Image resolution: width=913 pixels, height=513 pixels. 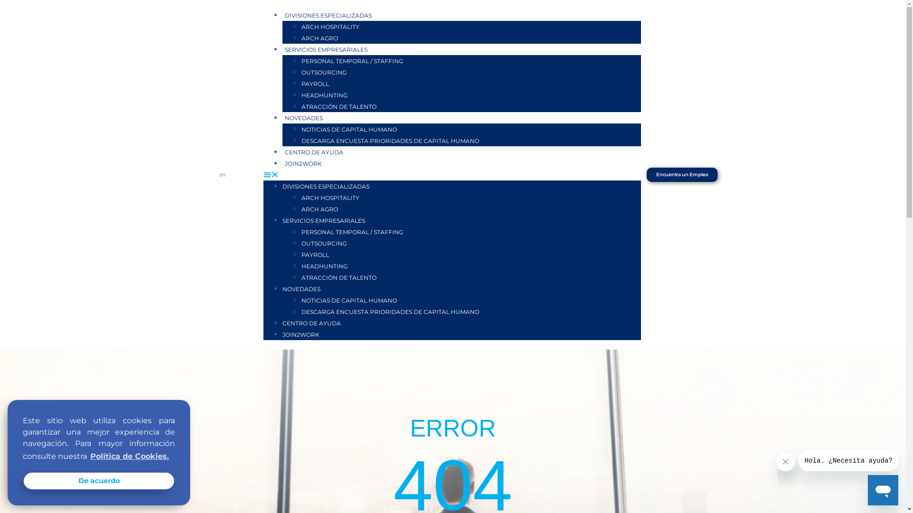 What do you see at coordinates (351, 232) in the screenshot?
I see `'PERSONAL TEMPORAL / STAFFING'` at bounding box center [351, 232].